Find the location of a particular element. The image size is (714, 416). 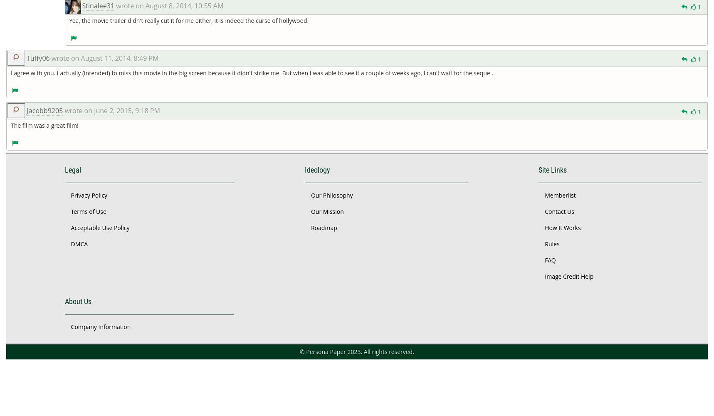

'© Persona Paper 2023.  All rights reserved.' is located at coordinates (299, 351).